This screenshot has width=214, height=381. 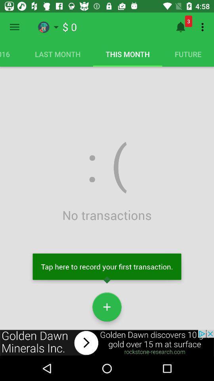 What do you see at coordinates (107, 343) in the screenshot?
I see `advertisement banner` at bounding box center [107, 343].